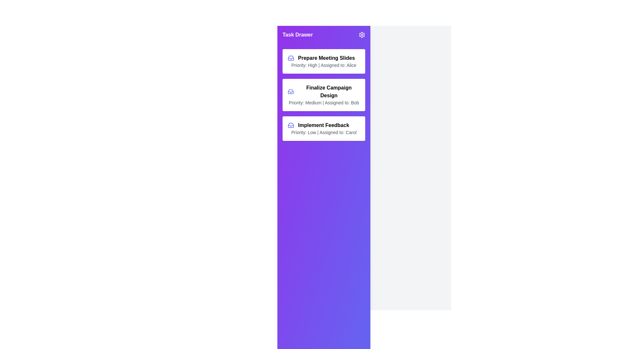  Describe the element at coordinates (324, 128) in the screenshot. I see `the task titled 'Implement Feedback' to preview additional options or effects` at that location.